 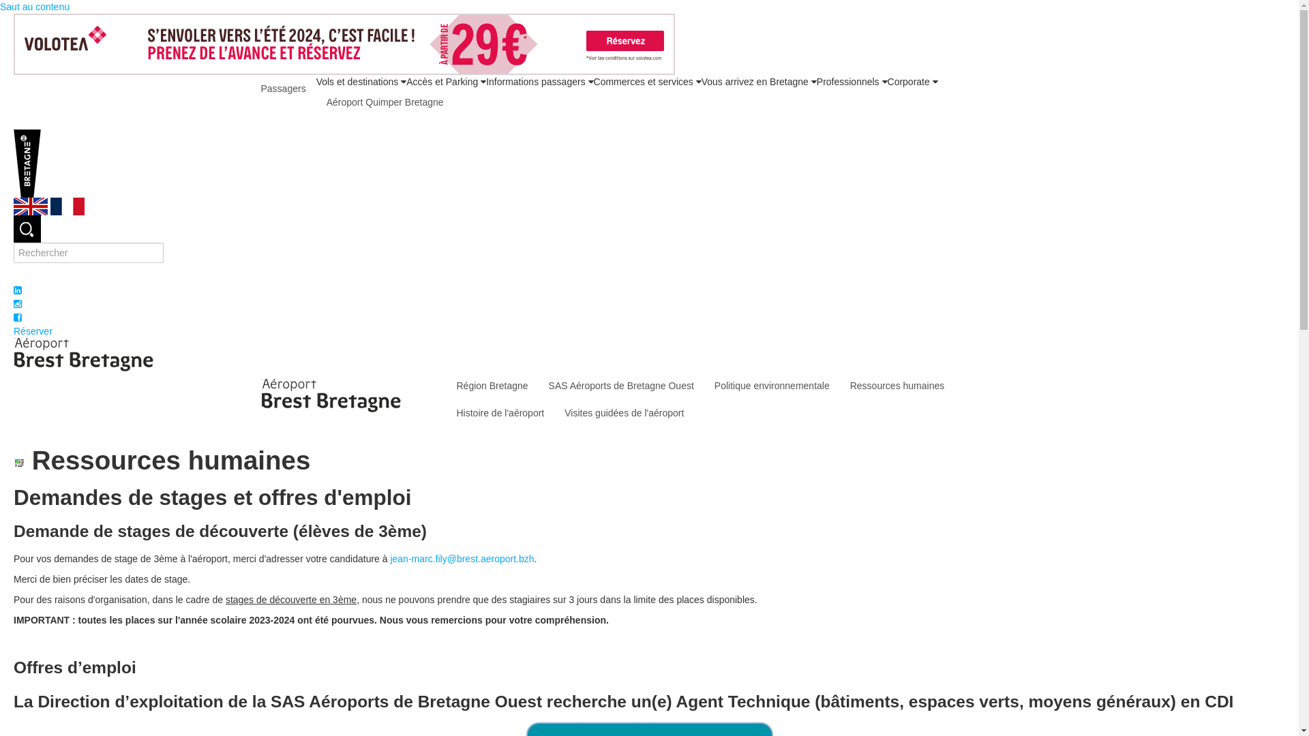 What do you see at coordinates (30, 206) in the screenshot?
I see `'English'` at bounding box center [30, 206].